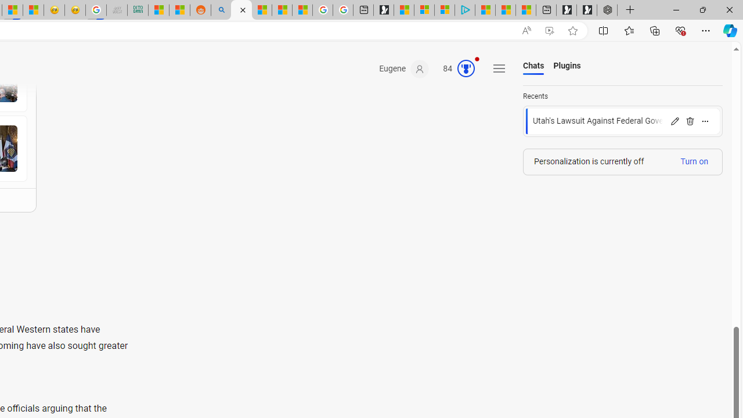 The height and width of the screenshot is (418, 743). What do you see at coordinates (455, 69) in the screenshot?
I see `'Microsoft Rewards 84'` at bounding box center [455, 69].